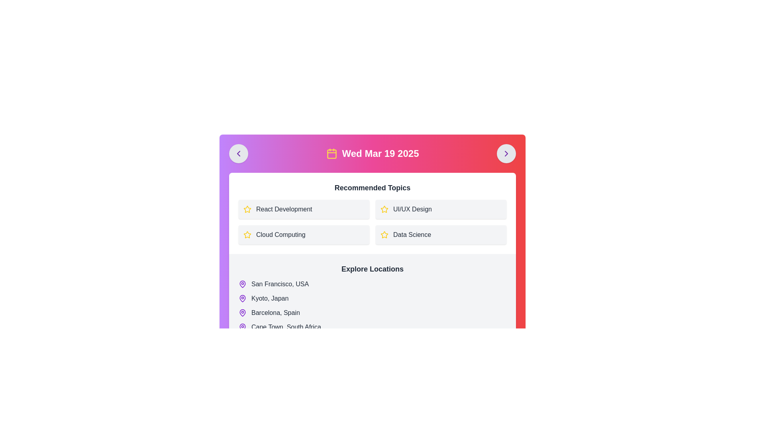 This screenshot has height=430, width=765. Describe the element at coordinates (384, 209) in the screenshot. I see `the yellow outlined star icon` at that location.